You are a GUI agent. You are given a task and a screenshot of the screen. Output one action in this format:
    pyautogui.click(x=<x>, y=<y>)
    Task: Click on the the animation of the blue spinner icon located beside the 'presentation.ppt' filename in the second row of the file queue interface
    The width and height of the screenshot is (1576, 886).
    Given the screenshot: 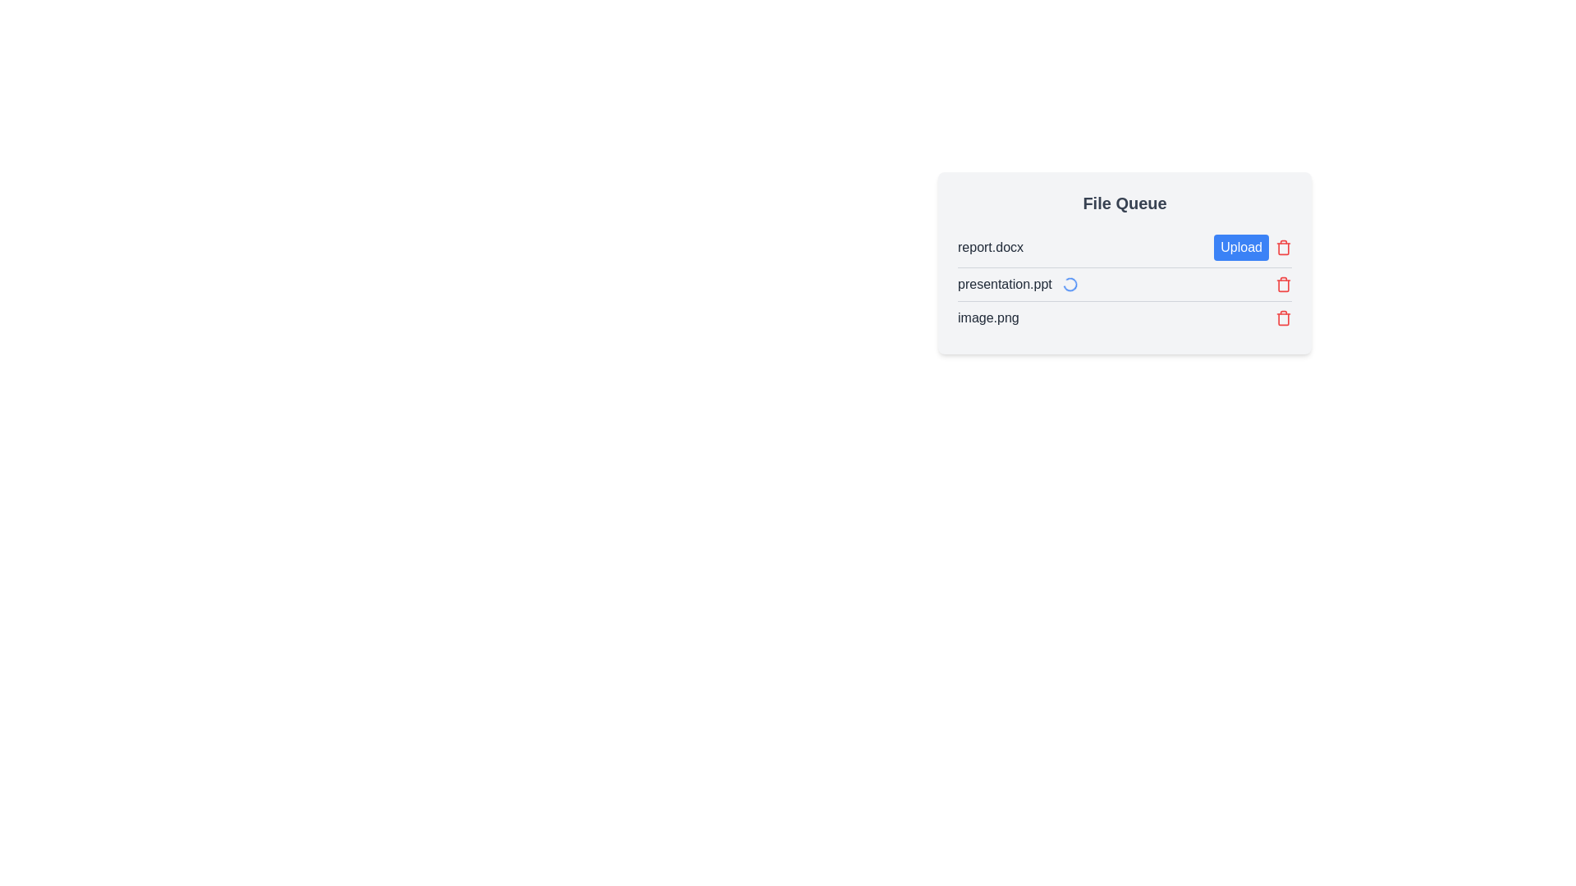 What is the action you would take?
    pyautogui.click(x=1070, y=284)
    